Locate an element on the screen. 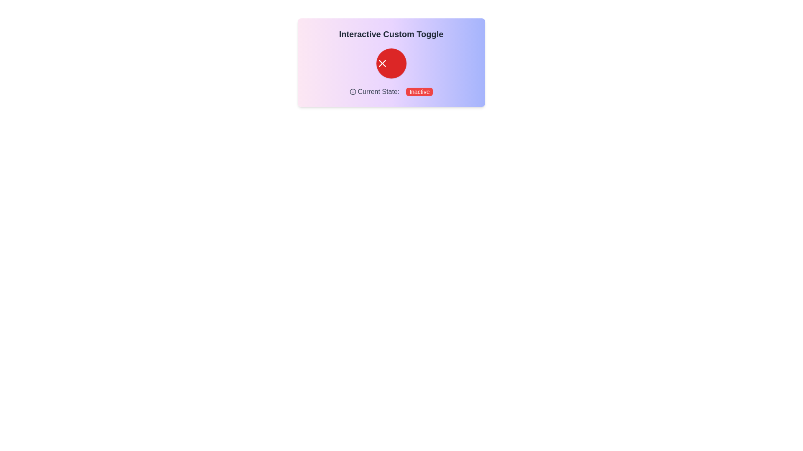 Image resolution: width=803 pixels, height=451 pixels. the informational text indicating the status of the toggle labeled as 'Inactive', positioned below the red circular button and the text 'Interactive Custom Toggle' is located at coordinates (391, 91).